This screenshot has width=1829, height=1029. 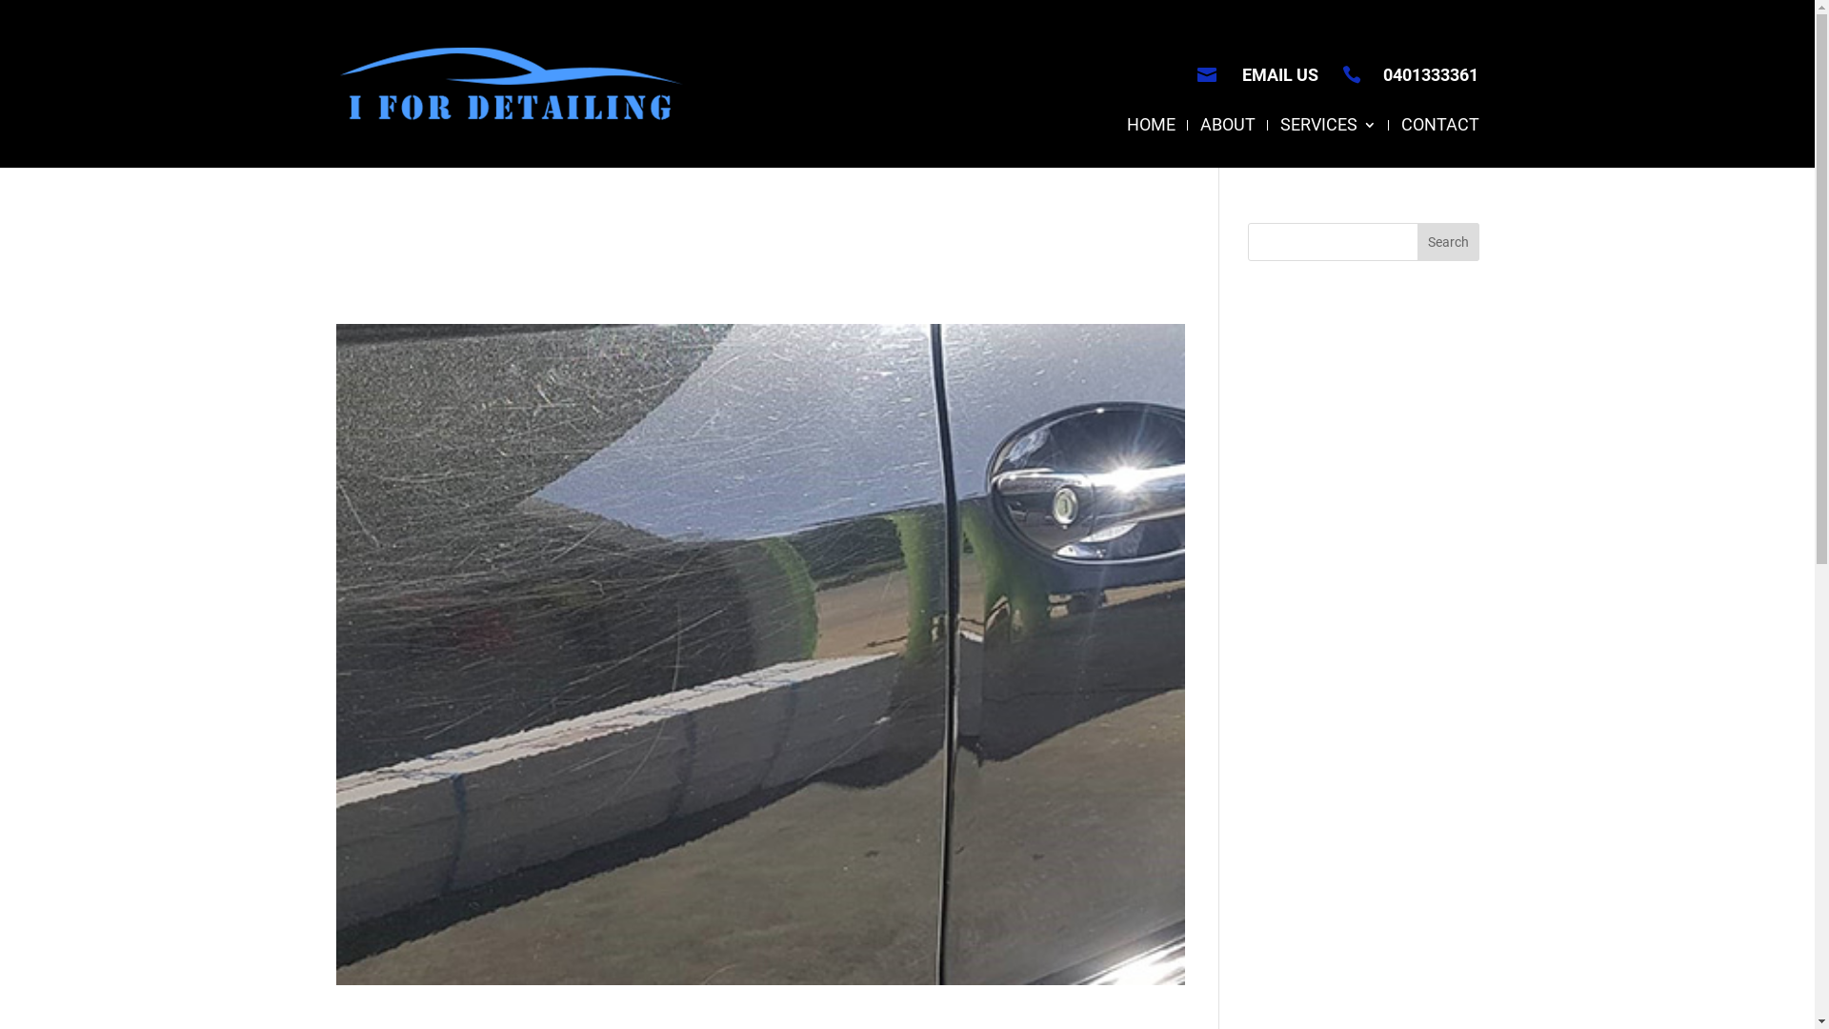 What do you see at coordinates (1448, 241) in the screenshot?
I see `'Search'` at bounding box center [1448, 241].